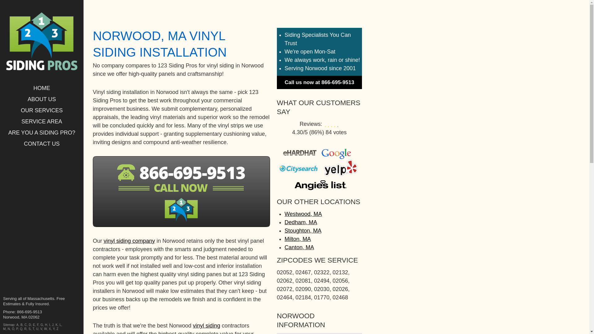 The width and height of the screenshot is (594, 334). What do you see at coordinates (41, 324) in the screenshot?
I see `'G'` at bounding box center [41, 324].